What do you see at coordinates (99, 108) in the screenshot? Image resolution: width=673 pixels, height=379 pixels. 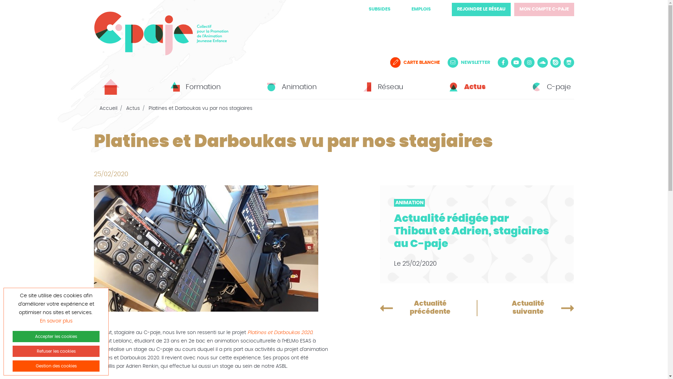 I see `'Accueil'` at bounding box center [99, 108].